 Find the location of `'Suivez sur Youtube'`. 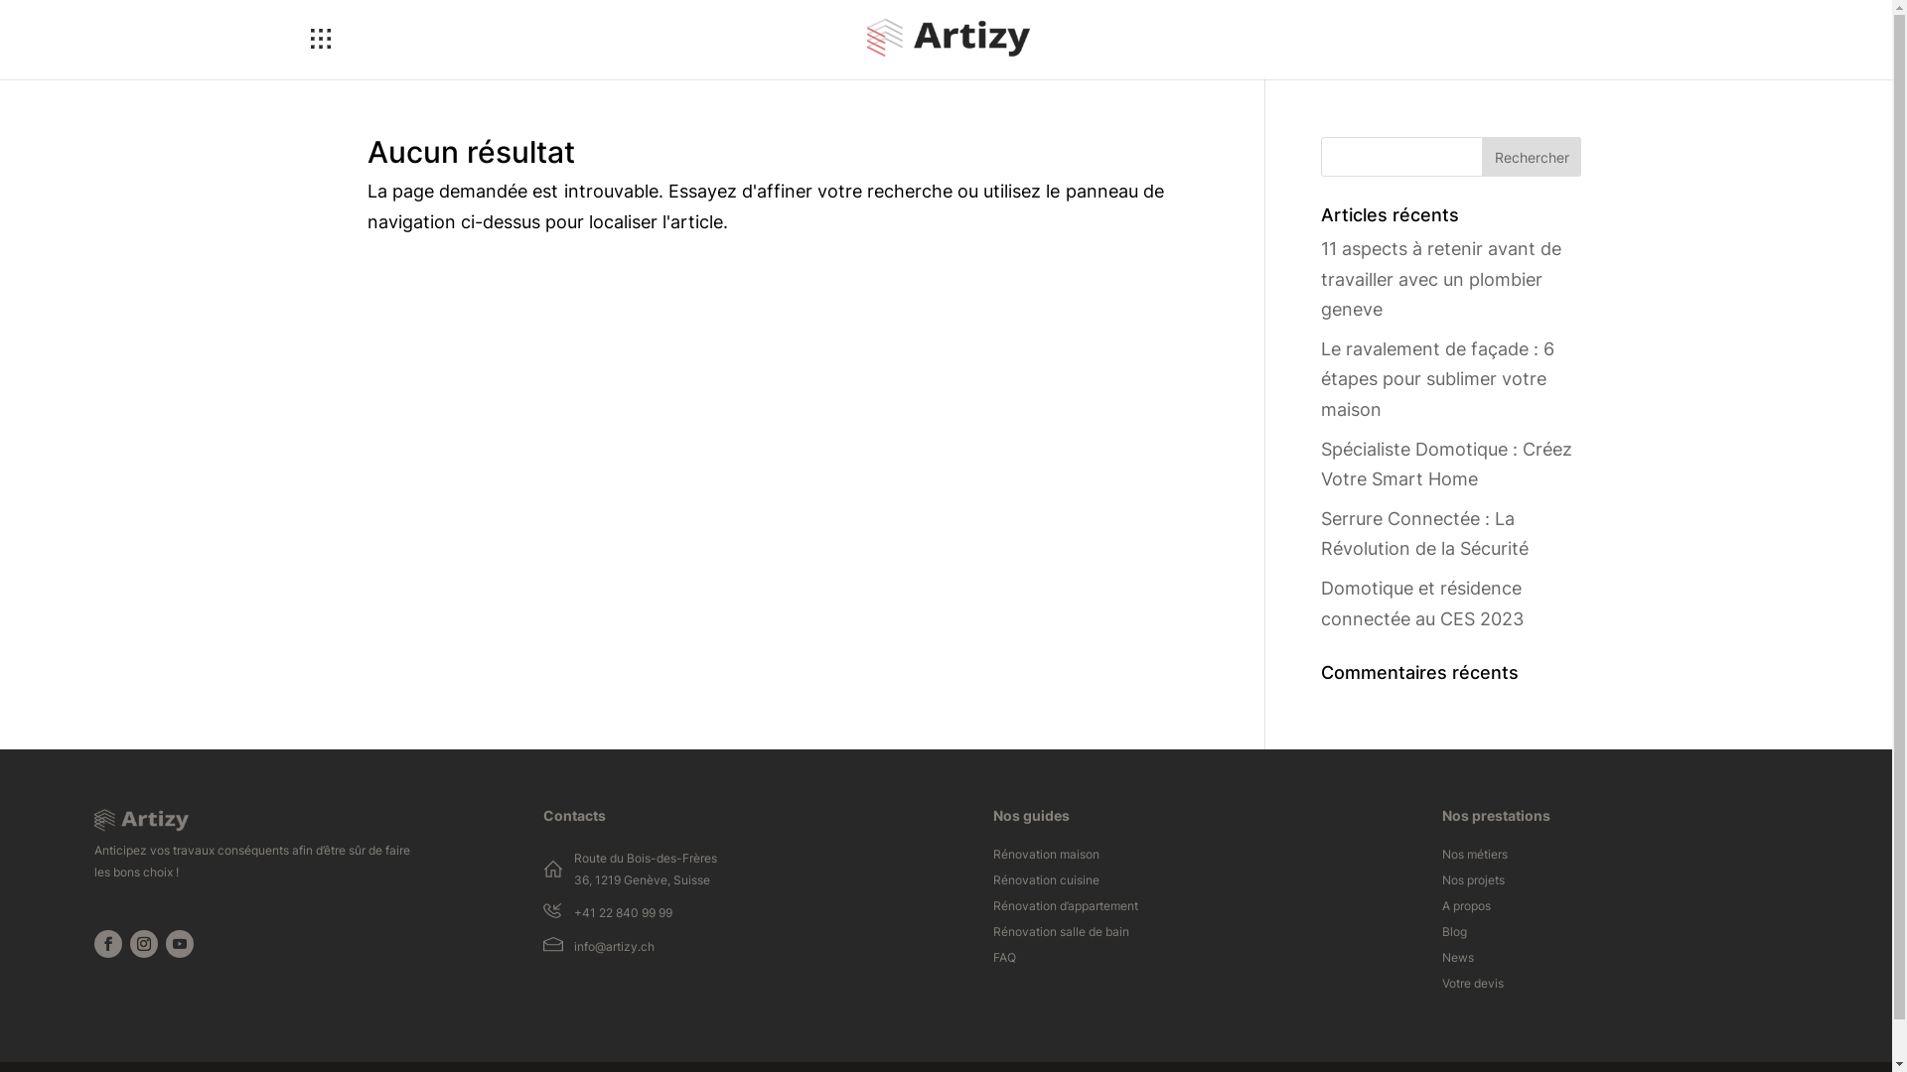

'Suivez sur Youtube' is located at coordinates (180, 943).